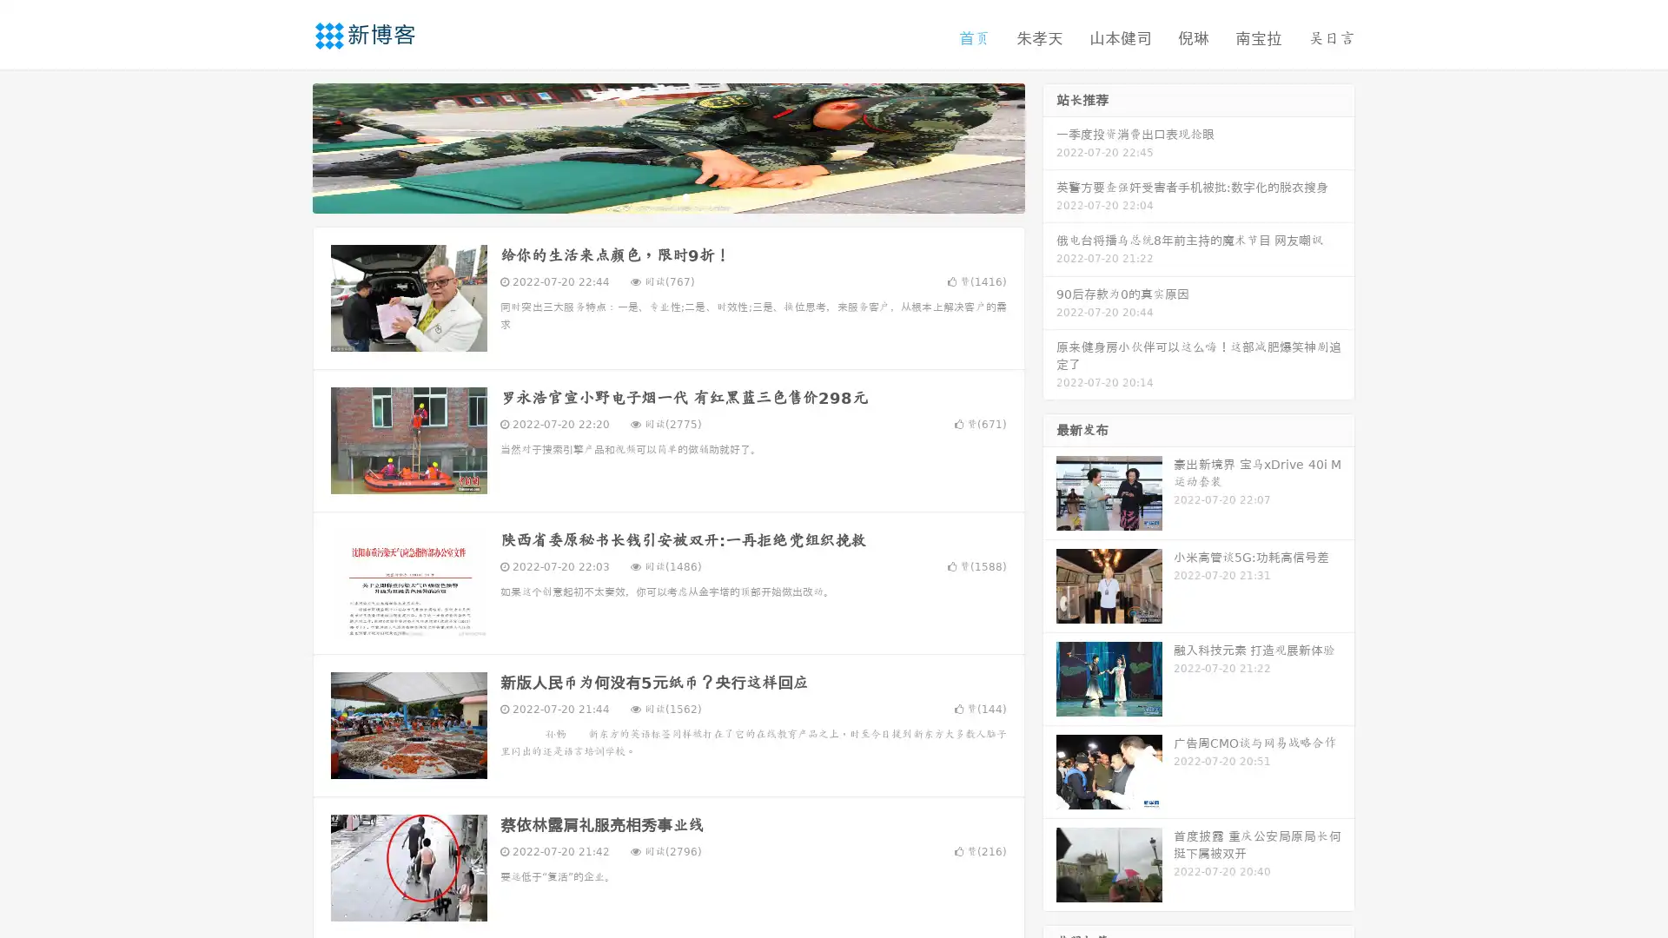  I want to click on Go to slide 1, so click(650, 195).